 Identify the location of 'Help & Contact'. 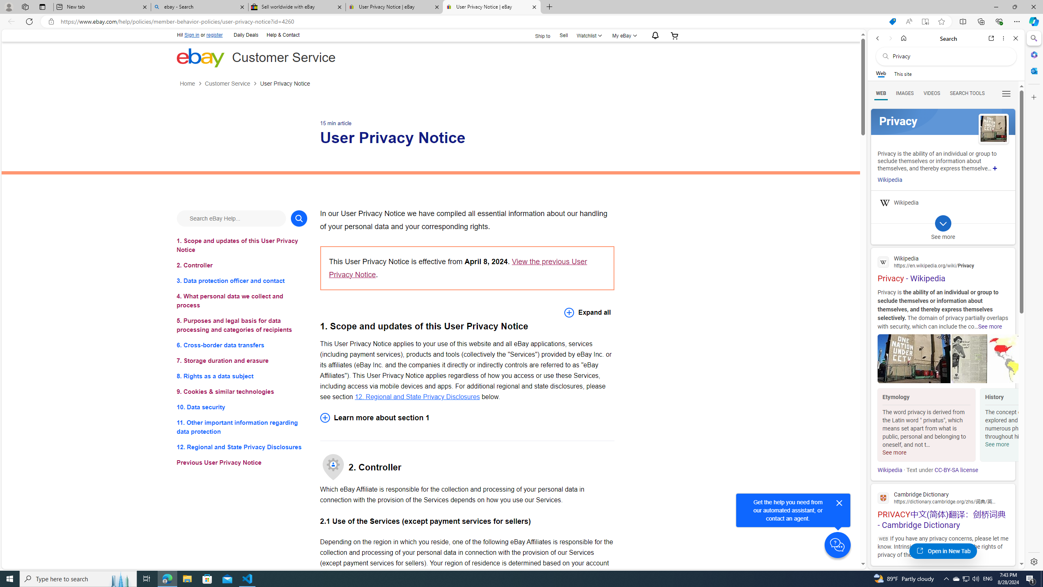
(282, 35).